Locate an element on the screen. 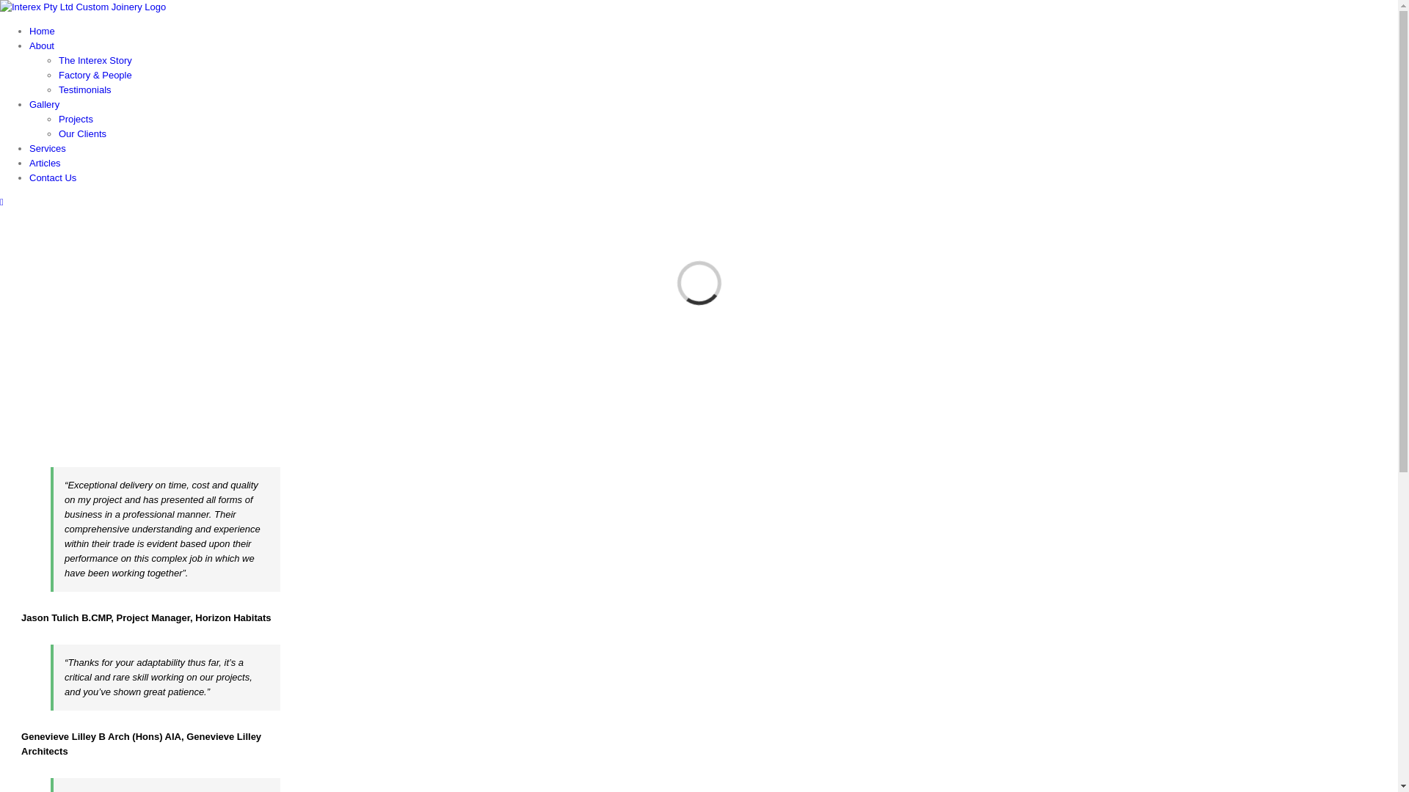 The height and width of the screenshot is (792, 1409). 'Projects' is located at coordinates (75, 118).